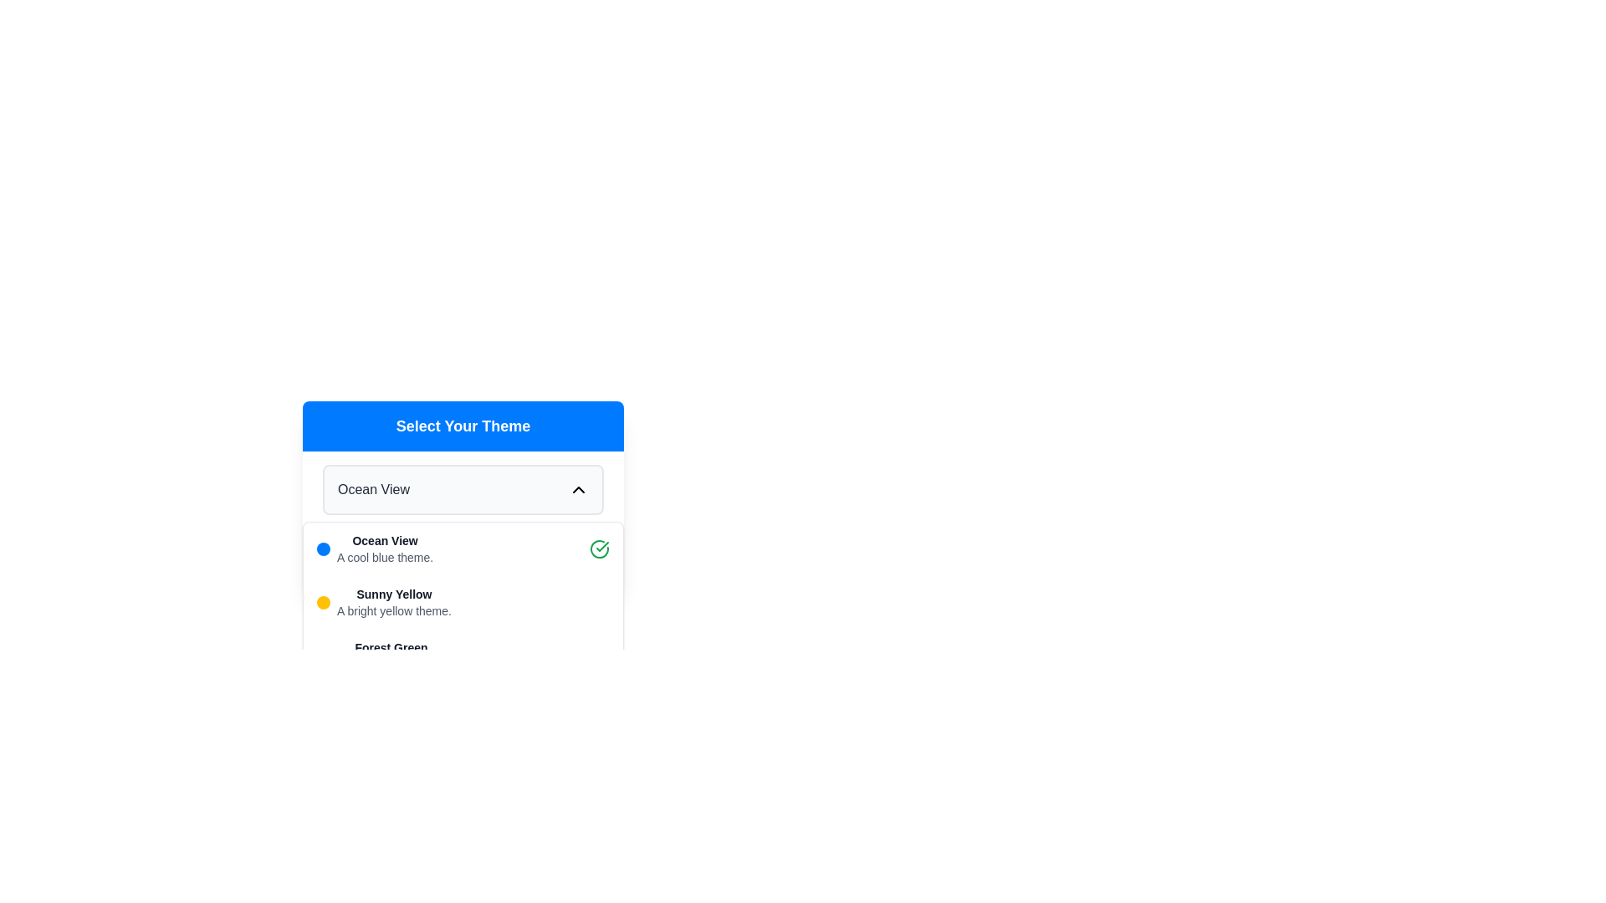 This screenshot has height=903, width=1606. I want to click on the first theme option in the 'Select Your Theme' section, which is visually represented by a blue circular marker and includes its name and description, so click(374, 548).